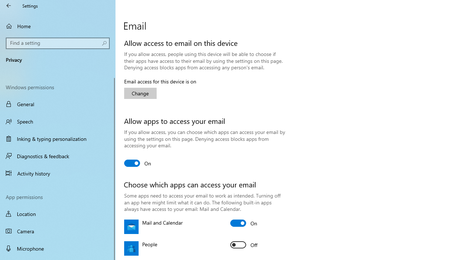 The width and height of the screenshot is (462, 260). Describe the element at coordinates (58, 104) in the screenshot. I see `'General'` at that location.